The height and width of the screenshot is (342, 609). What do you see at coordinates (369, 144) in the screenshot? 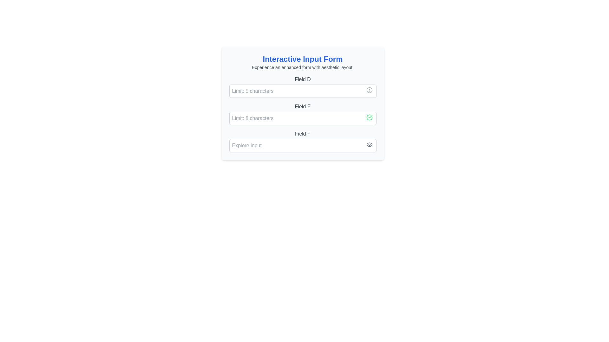
I see `the password visibility toggle icon located at the far-right of the input field labeled 'Field F', which allows users` at bounding box center [369, 144].